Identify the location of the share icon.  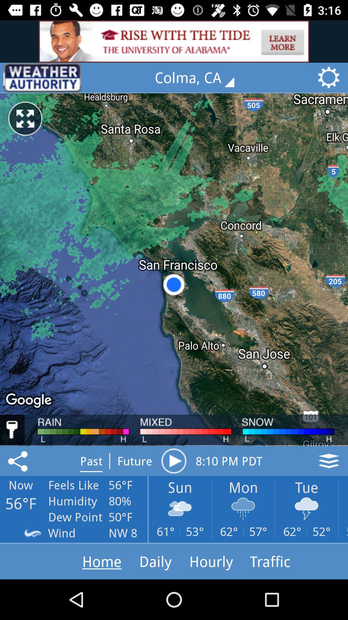
(19, 460).